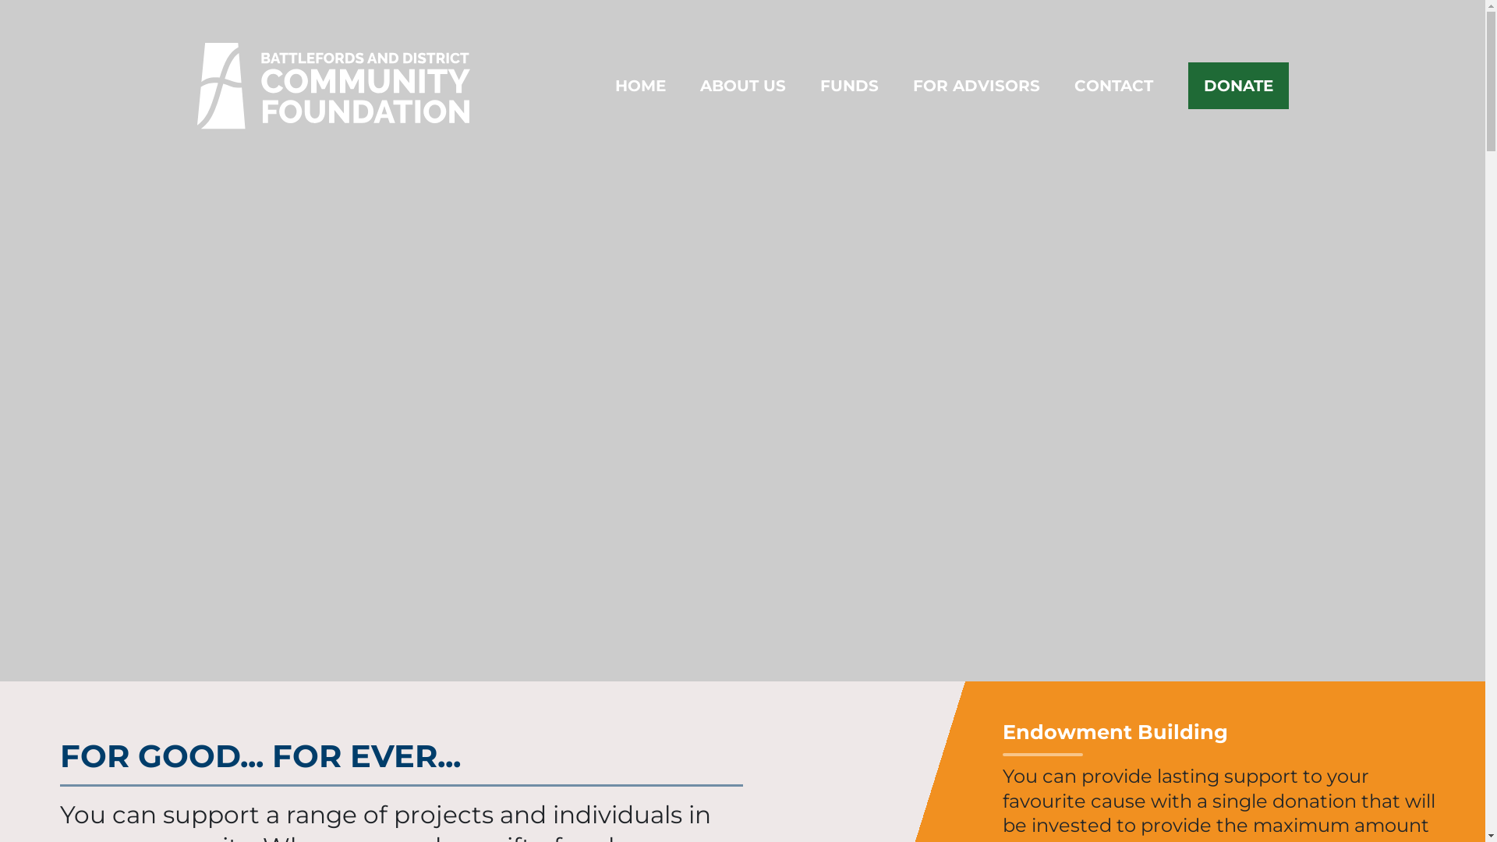  What do you see at coordinates (1073, 86) in the screenshot?
I see `'CONTACT'` at bounding box center [1073, 86].